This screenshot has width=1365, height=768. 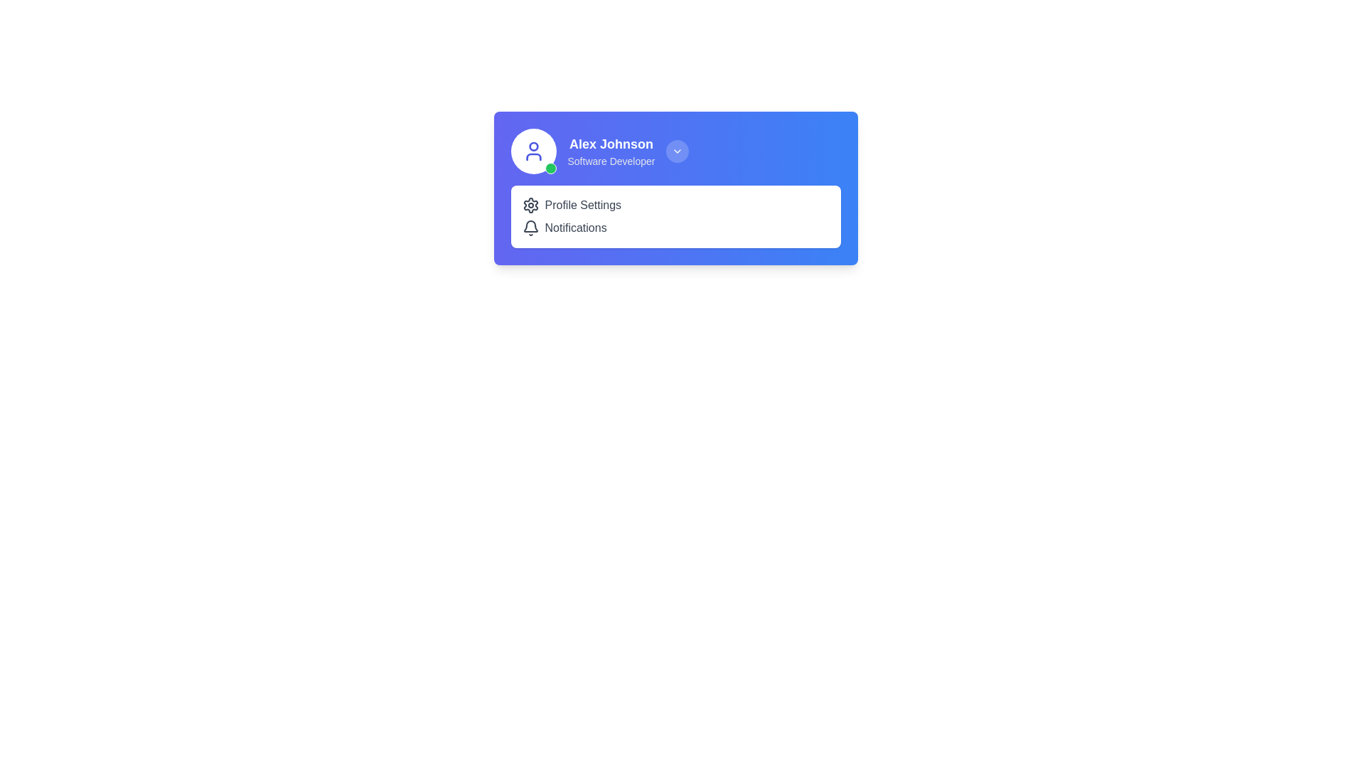 What do you see at coordinates (530, 225) in the screenshot?
I see `the notification icon, which is an SVG element positioned adjacent to the 'Notifications' label in the top right section of the UI` at bounding box center [530, 225].